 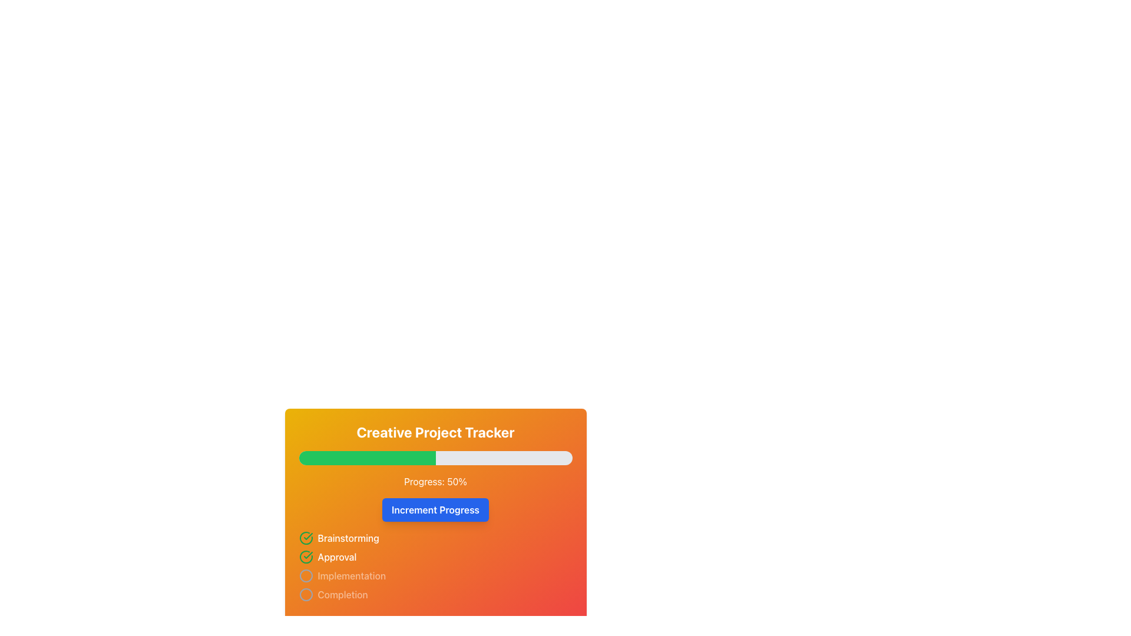 What do you see at coordinates (435, 565) in the screenshot?
I see `the progress tracker item in the center of the 'Creative Project Tracker' module to mark it as active or completed` at bounding box center [435, 565].